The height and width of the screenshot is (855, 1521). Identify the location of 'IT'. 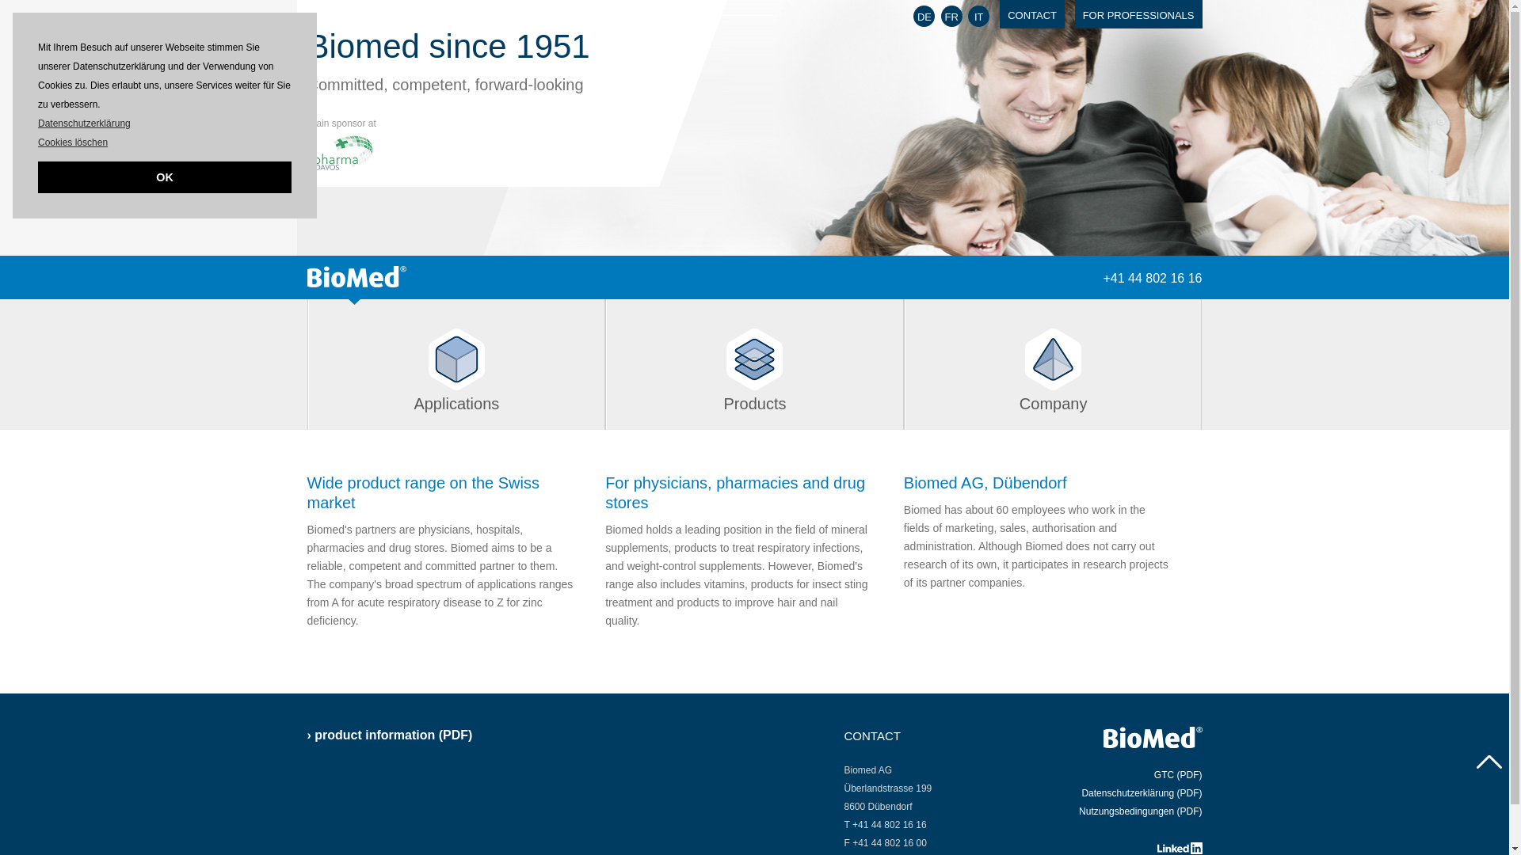
(967, 16).